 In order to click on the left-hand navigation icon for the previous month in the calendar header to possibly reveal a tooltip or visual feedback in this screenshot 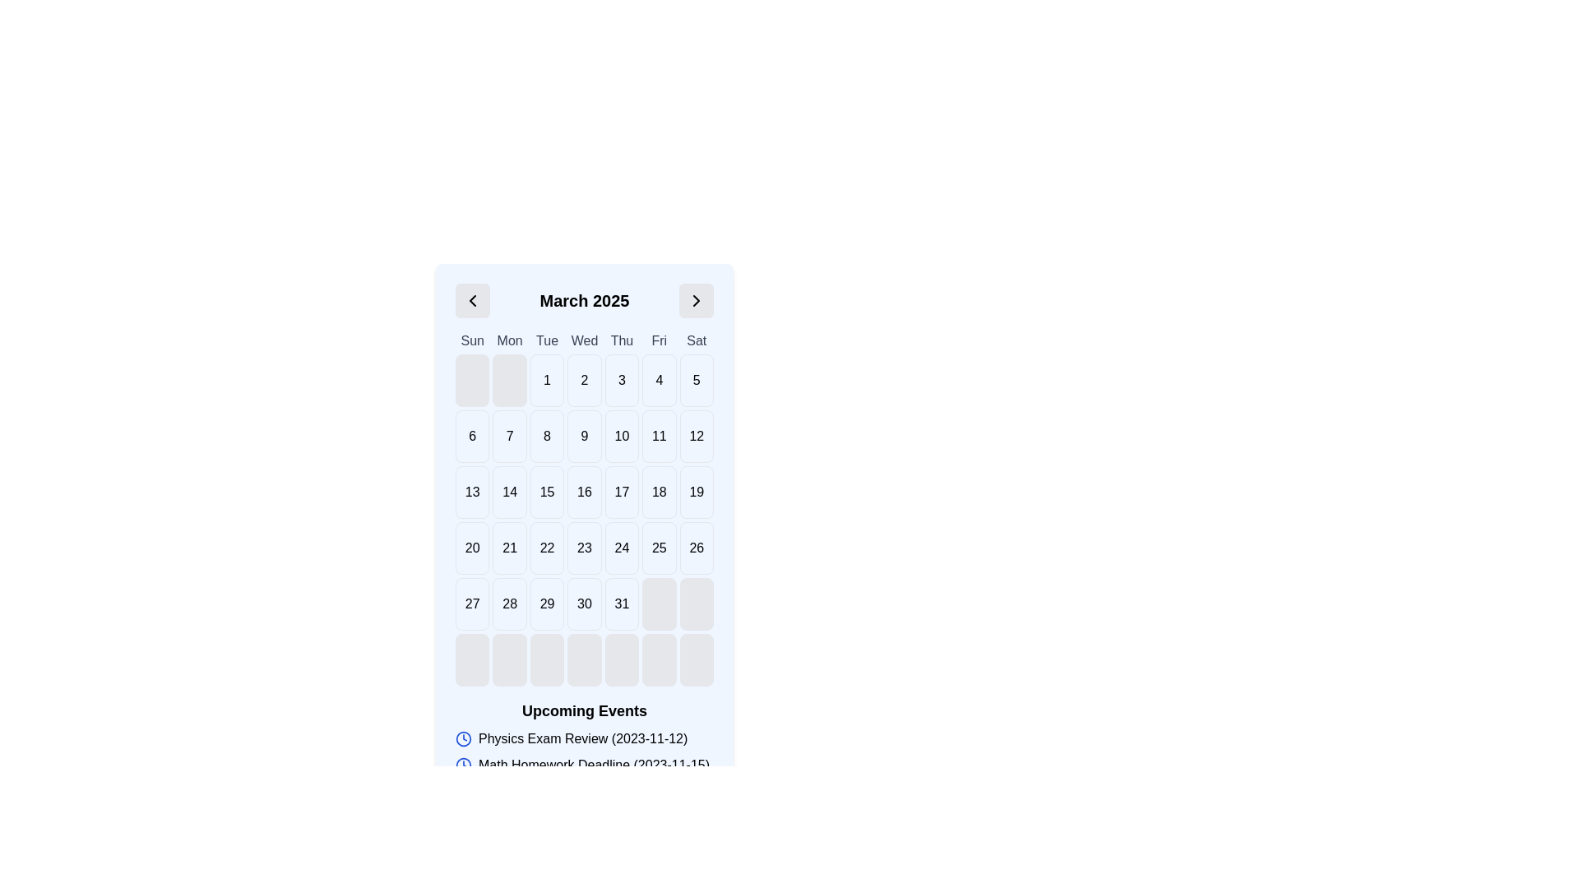, I will do `click(472, 301)`.